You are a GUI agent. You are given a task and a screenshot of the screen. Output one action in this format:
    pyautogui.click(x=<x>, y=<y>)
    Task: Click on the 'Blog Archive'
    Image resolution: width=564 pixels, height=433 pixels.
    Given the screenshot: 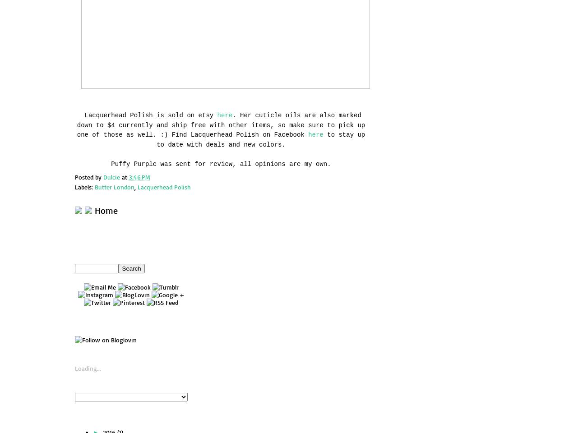 What is the action you would take?
    pyautogui.click(x=123, y=417)
    